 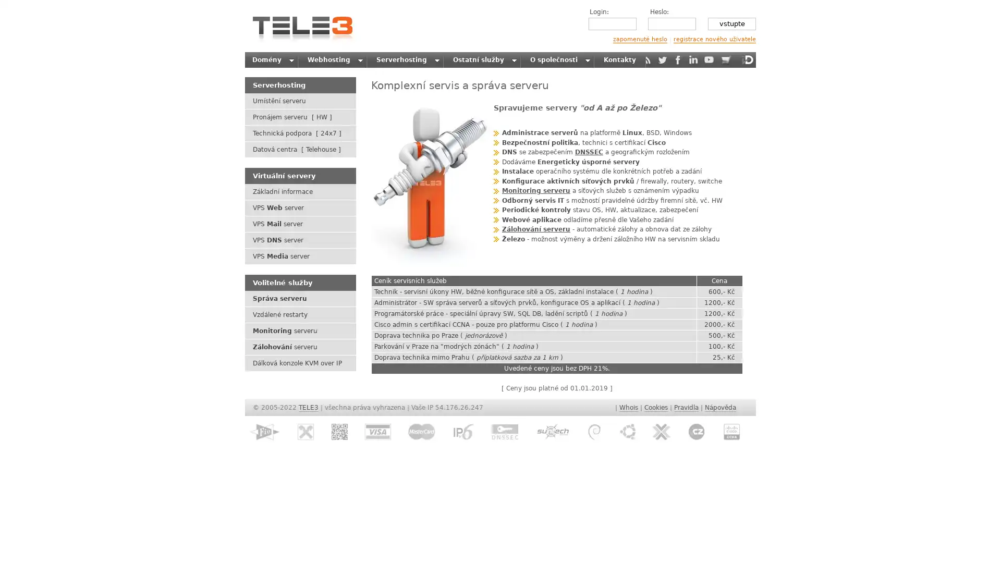 I want to click on vstupte, so click(x=731, y=23).